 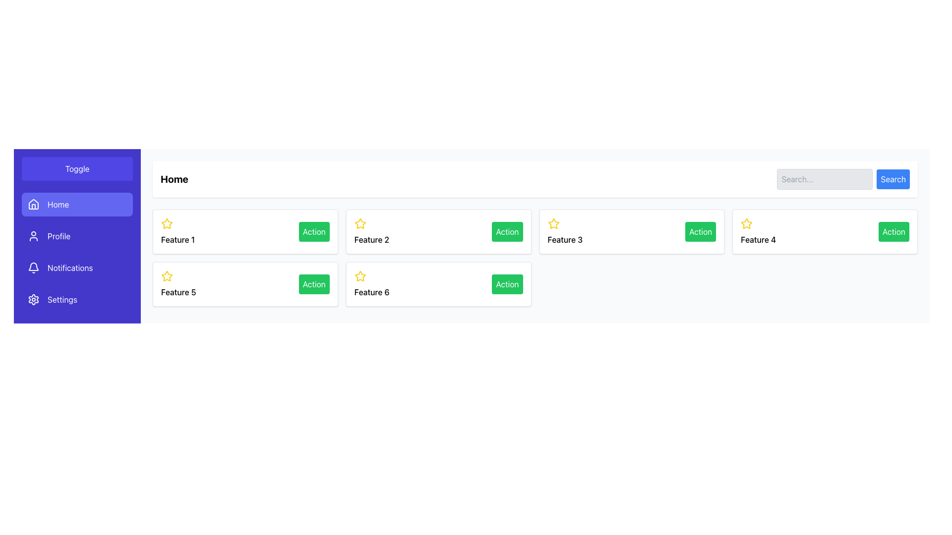 What do you see at coordinates (313, 231) in the screenshot?
I see `the button associated with 'Feature 1'` at bounding box center [313, 231].